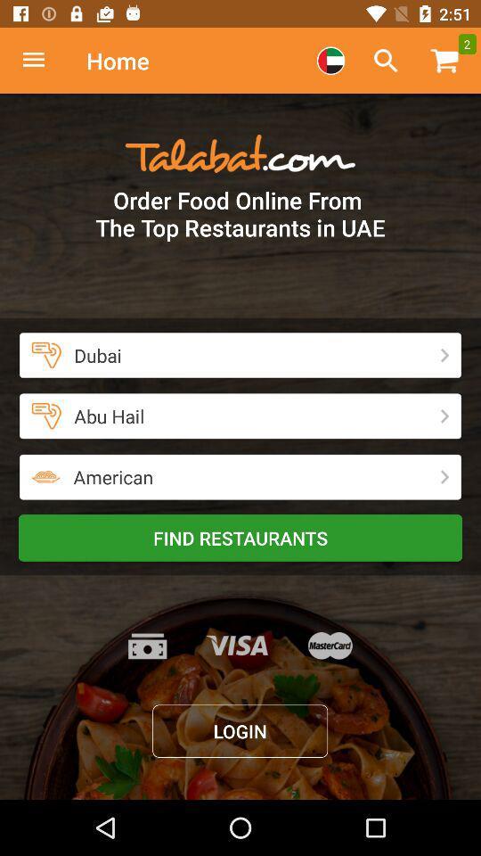 The height and width of the screenshot is (856, 481). Describe the element at coordinates (330, 61) in the screenshot. I see `menu selection` at that location.